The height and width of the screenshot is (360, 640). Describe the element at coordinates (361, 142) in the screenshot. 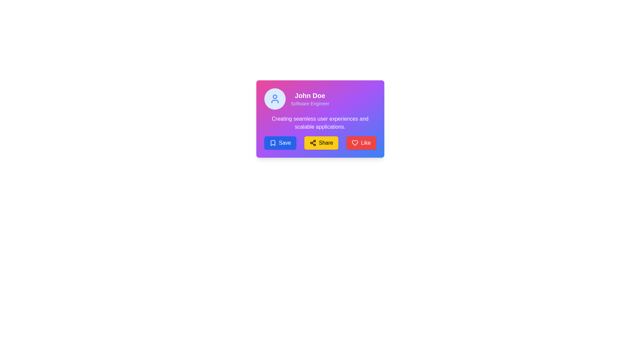

I see `the third button in the group of interactive buttons at the bottom right of the card` at that location.